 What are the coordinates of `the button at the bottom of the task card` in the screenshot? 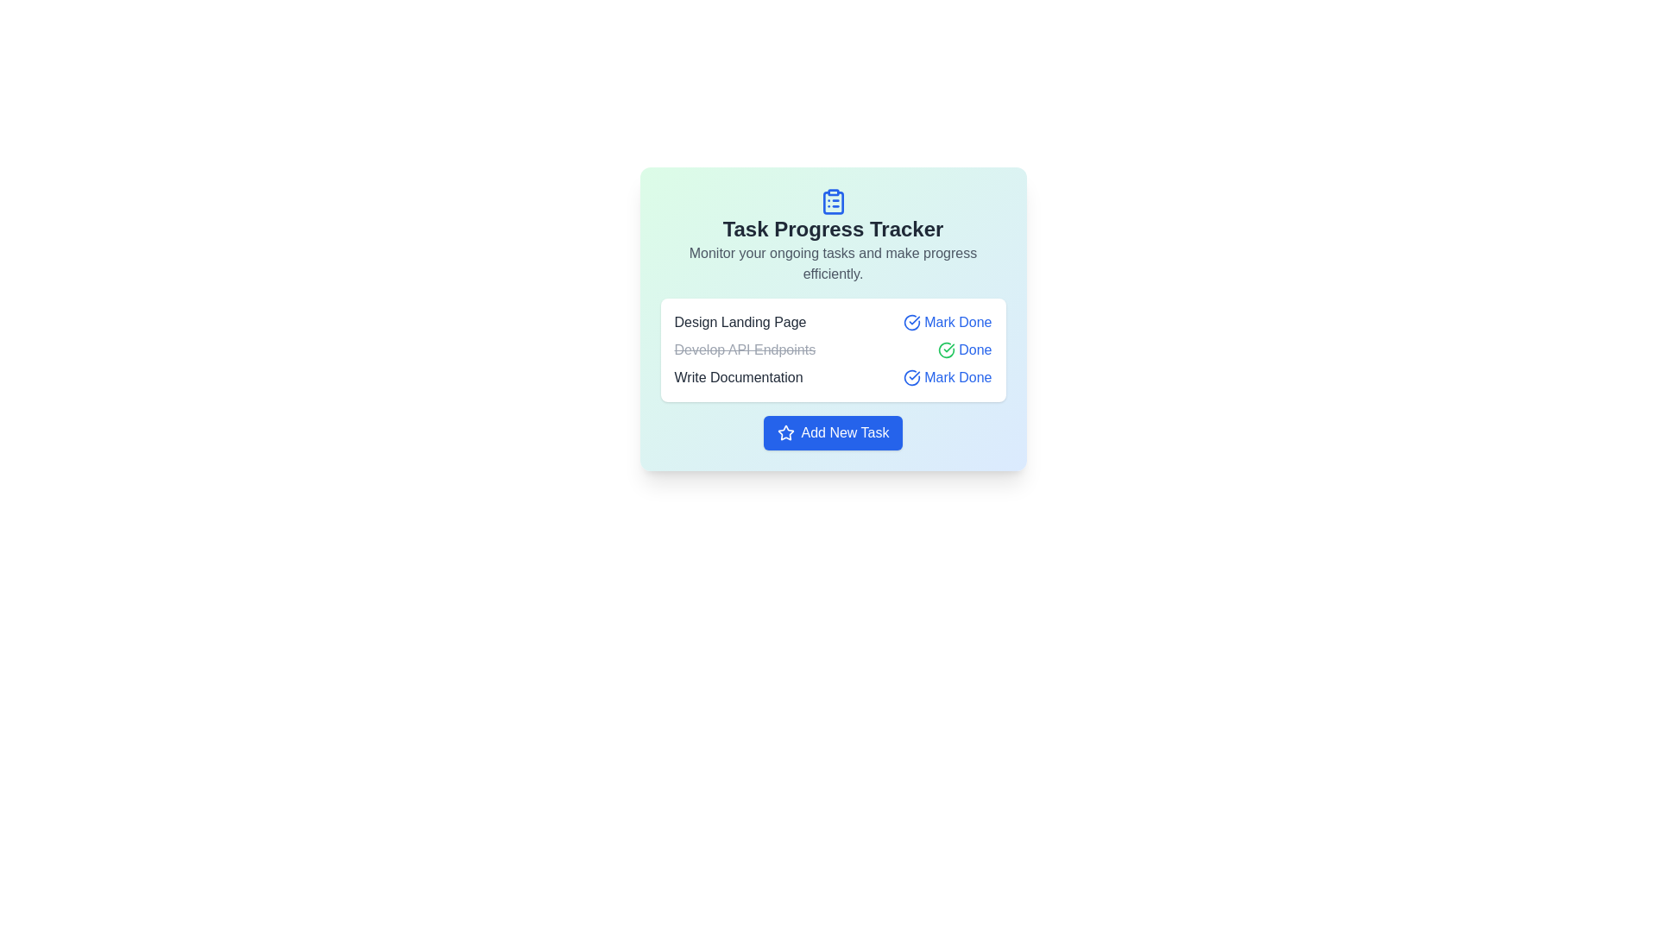 It's located at (833, 431).